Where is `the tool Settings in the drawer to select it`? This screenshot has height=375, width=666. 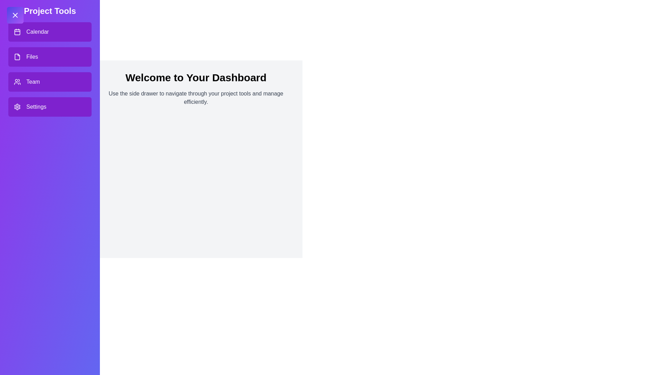
the tool Settings in the drawer to select it is located at coordinates (50, 107).